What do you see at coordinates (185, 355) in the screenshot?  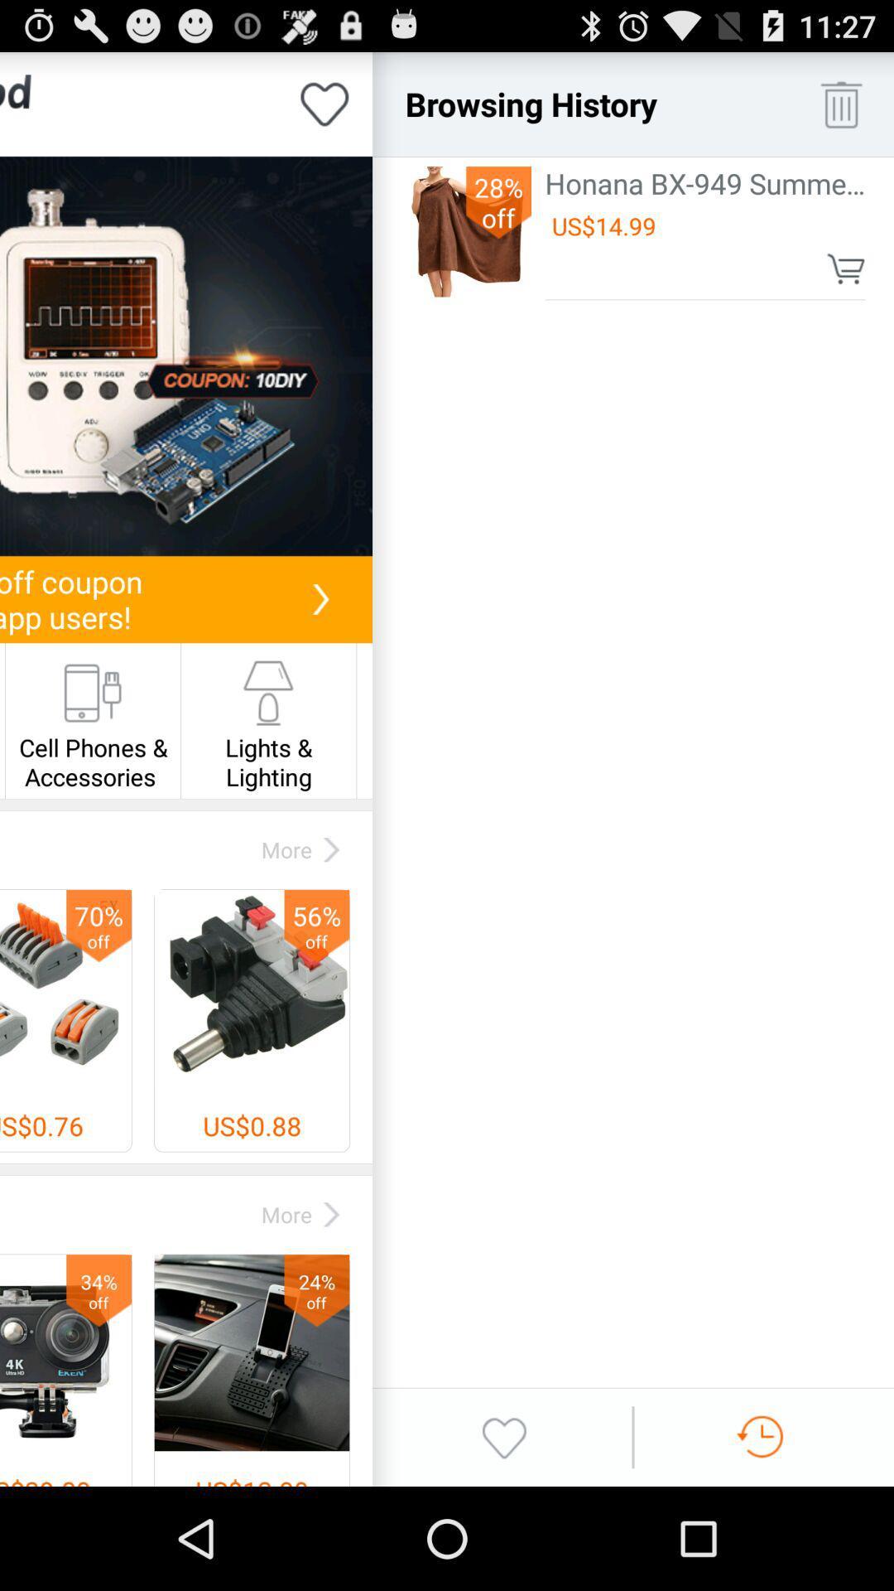 I see `announcement` at bounding box center [185, 355].